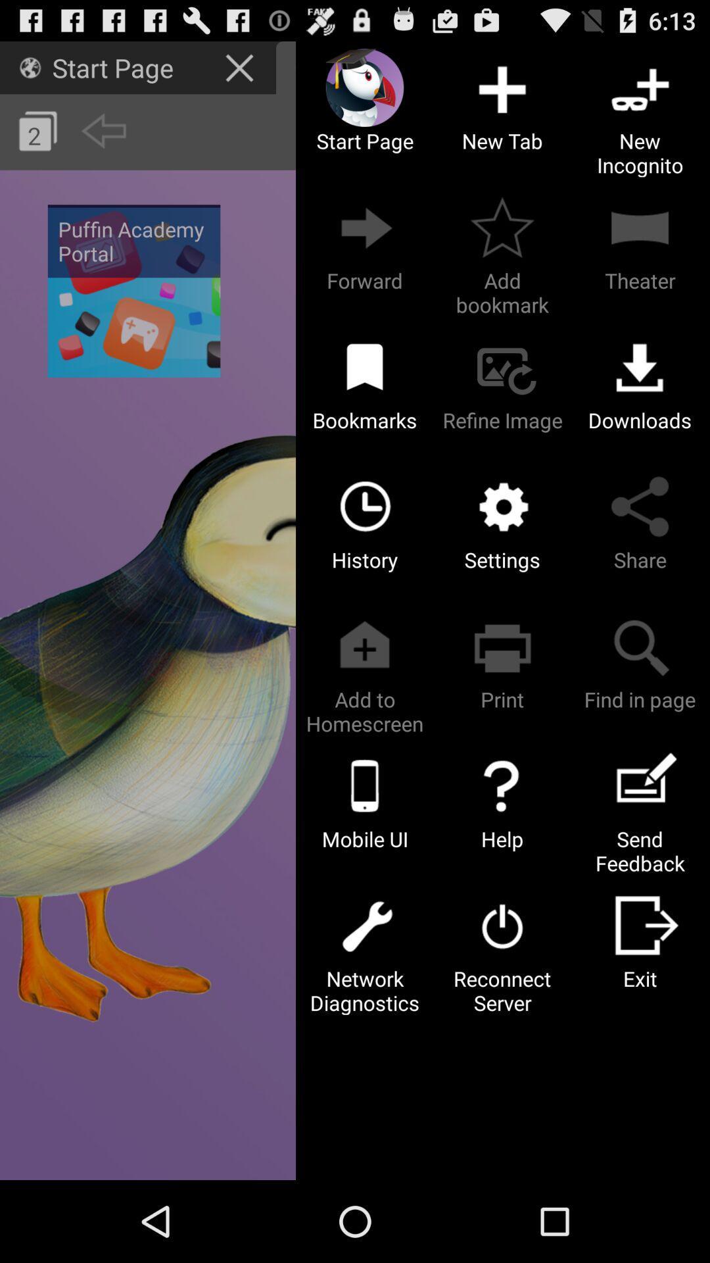  Describe the element at coordinates (502, 87) in the screenshot. I see `the  new tab option` at that location.